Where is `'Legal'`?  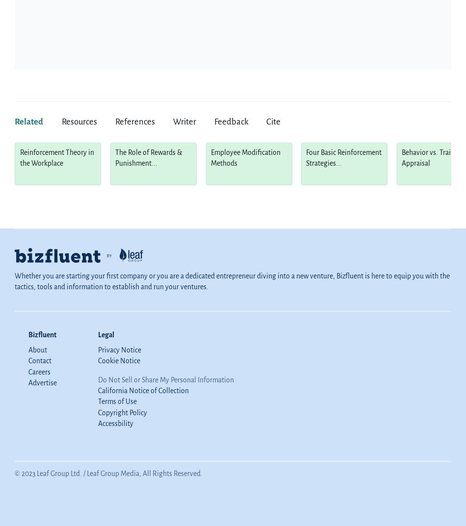 'Legal' is located at coordinates (105, 335).